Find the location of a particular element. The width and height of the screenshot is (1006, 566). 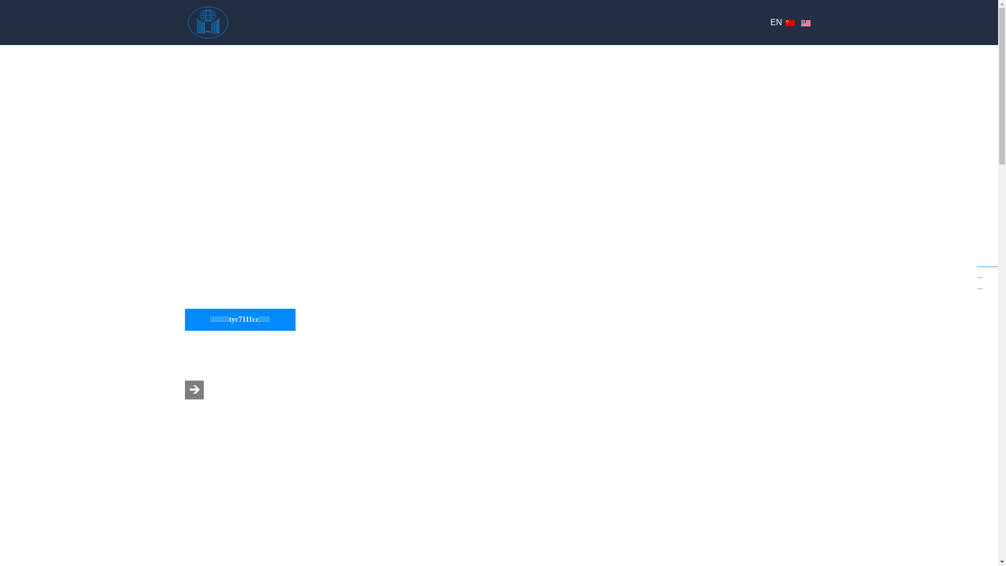

'English' is located at coordinates (804, 23).